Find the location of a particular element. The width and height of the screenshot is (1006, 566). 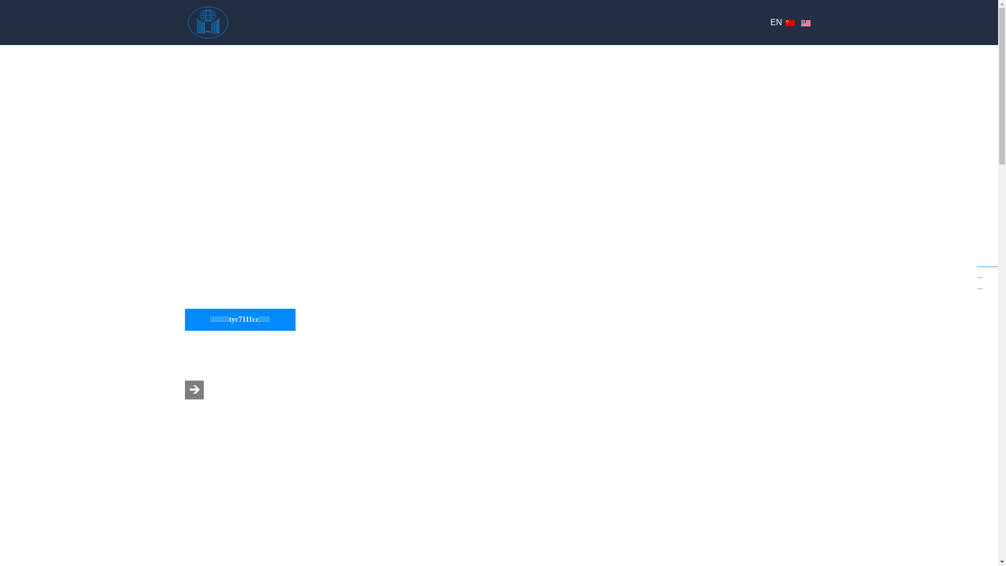

'English' is located at coordinates (804, 23).